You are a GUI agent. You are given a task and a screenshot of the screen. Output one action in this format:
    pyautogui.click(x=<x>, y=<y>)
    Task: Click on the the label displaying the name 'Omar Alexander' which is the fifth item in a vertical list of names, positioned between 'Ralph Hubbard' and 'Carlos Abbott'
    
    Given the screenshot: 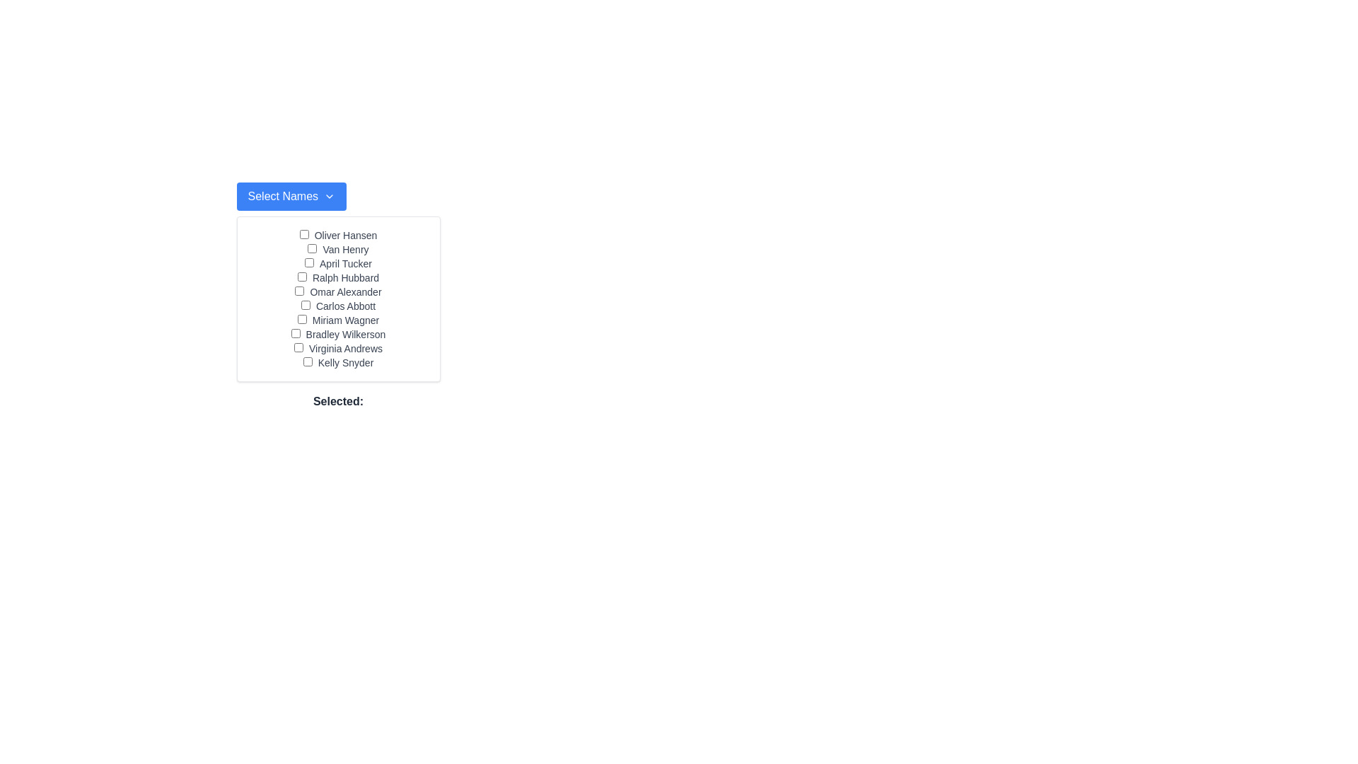 What is the action you would take?
    pyautogui.click(x=337, y=291)
    